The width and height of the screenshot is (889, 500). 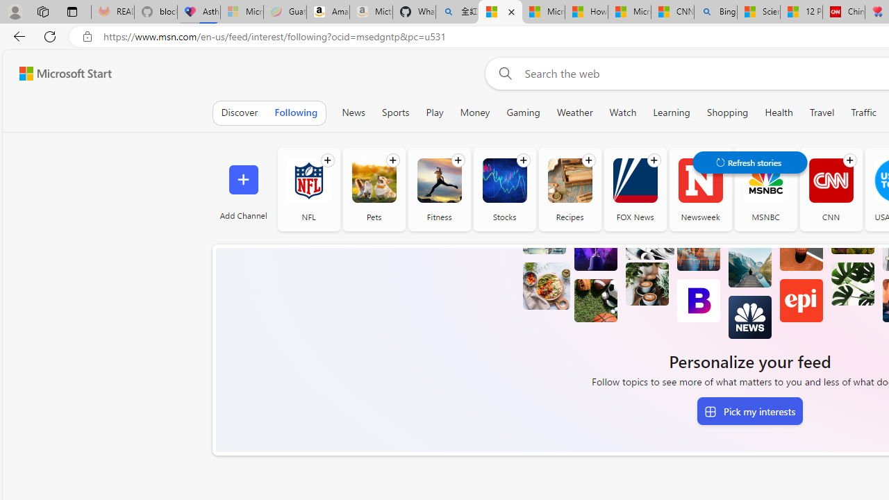 I want to click on 'Recipes', so click(x=570, y=180).